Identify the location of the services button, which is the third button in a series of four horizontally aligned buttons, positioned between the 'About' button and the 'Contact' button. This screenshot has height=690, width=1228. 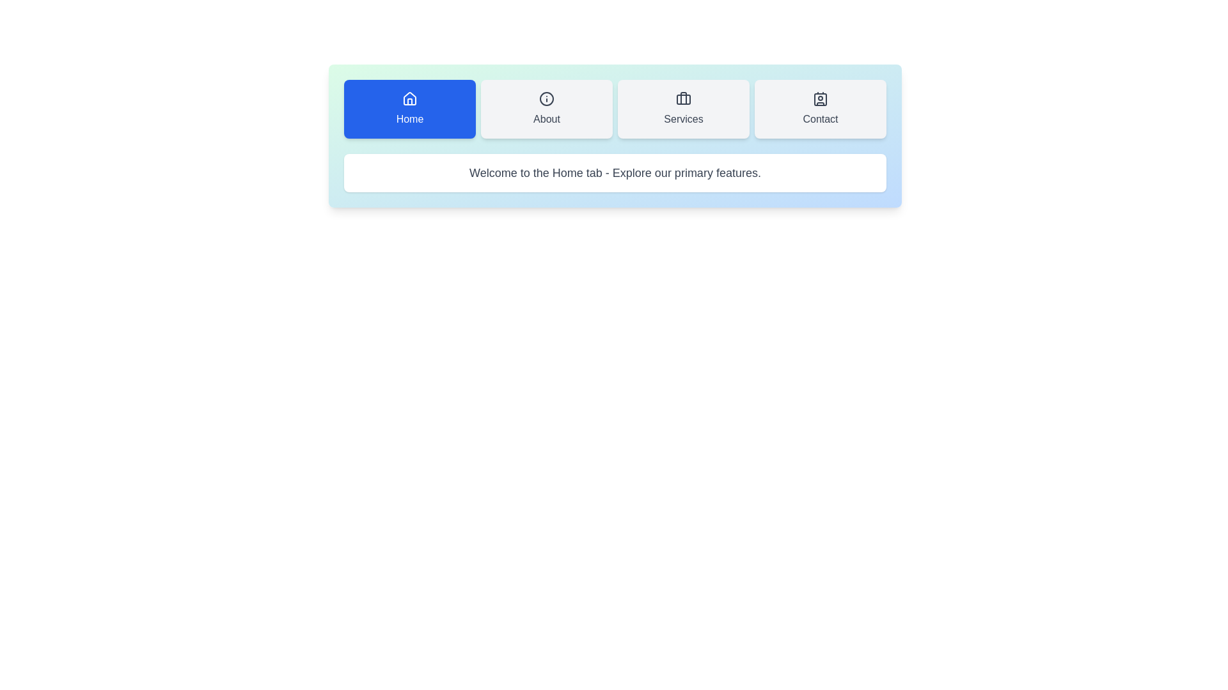
(683, 108).